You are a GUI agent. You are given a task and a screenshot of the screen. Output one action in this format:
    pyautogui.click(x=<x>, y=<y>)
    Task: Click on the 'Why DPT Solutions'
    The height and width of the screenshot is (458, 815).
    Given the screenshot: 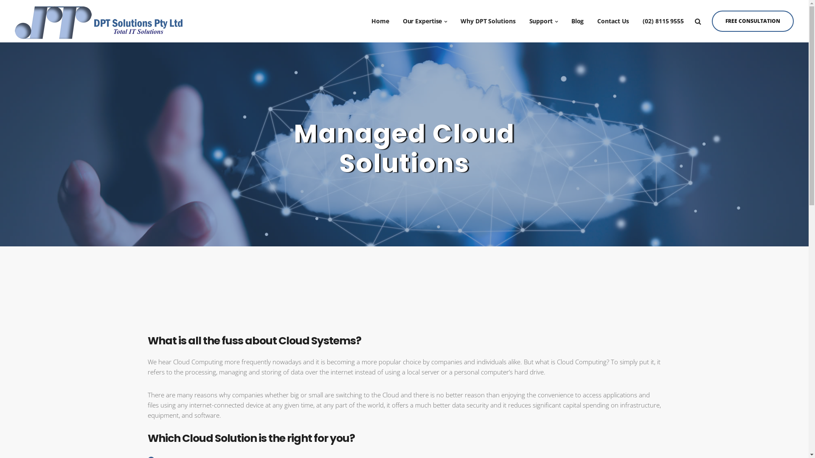 What is the action you would take?
    pyautogui.click(x=488, y=21)
    